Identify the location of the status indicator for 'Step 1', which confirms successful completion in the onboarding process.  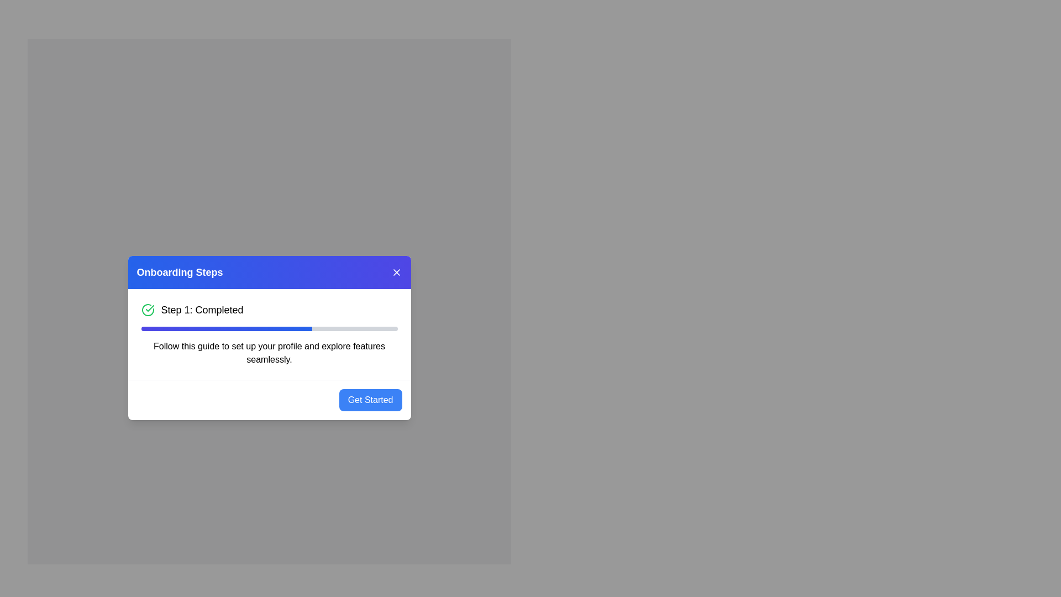
(202, 310).